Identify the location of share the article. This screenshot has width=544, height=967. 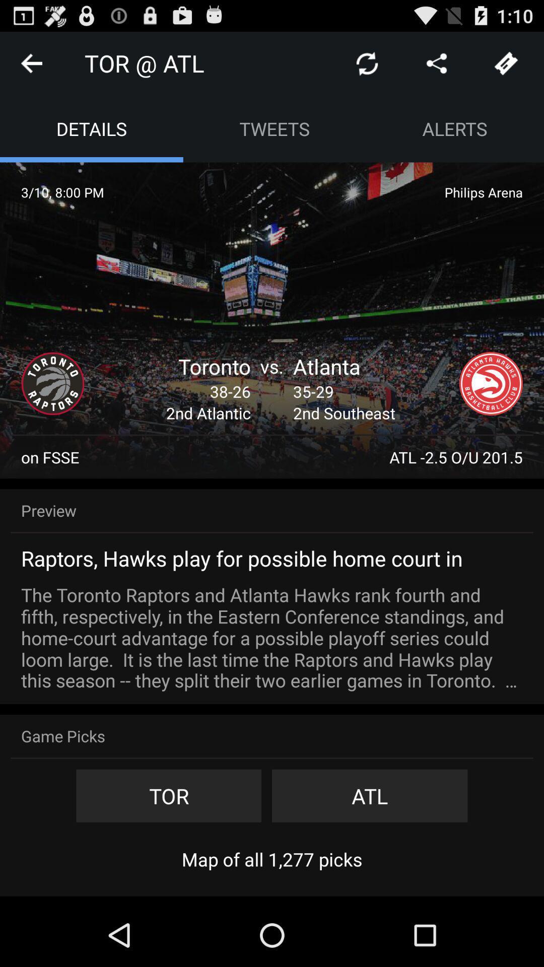
(436, 62).